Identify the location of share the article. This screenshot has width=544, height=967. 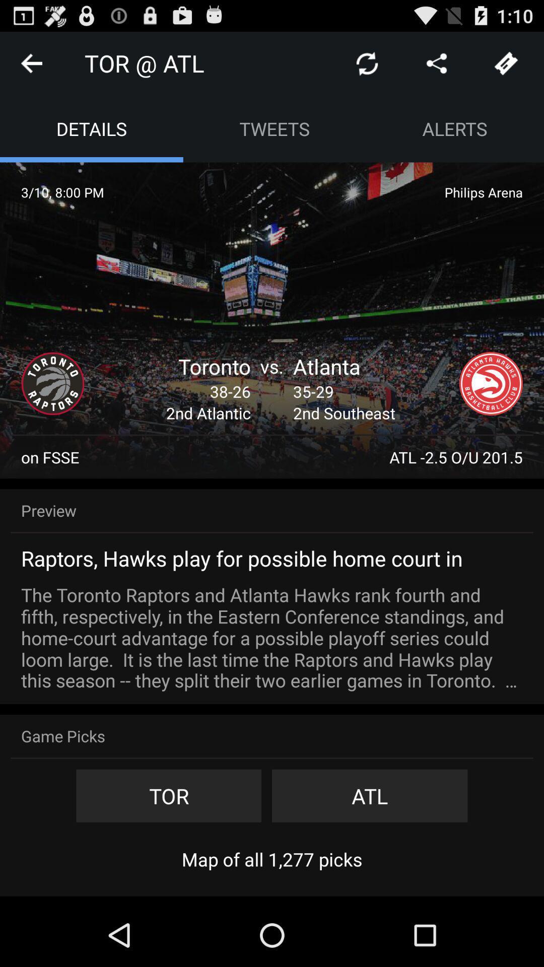
(436, 62).